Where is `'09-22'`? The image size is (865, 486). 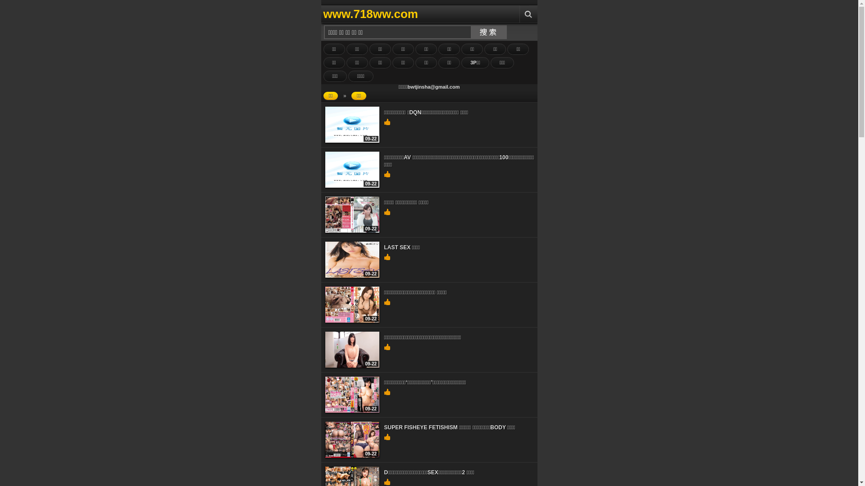
'09-22' is located at coordinates (352, 185).